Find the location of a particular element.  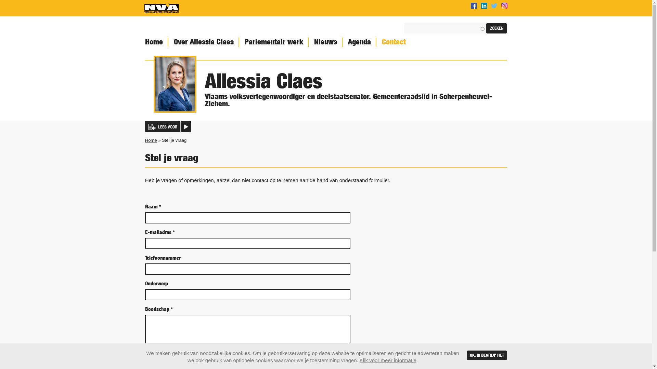

'Over Allessia Claes' is located at coordinates (203, 42).